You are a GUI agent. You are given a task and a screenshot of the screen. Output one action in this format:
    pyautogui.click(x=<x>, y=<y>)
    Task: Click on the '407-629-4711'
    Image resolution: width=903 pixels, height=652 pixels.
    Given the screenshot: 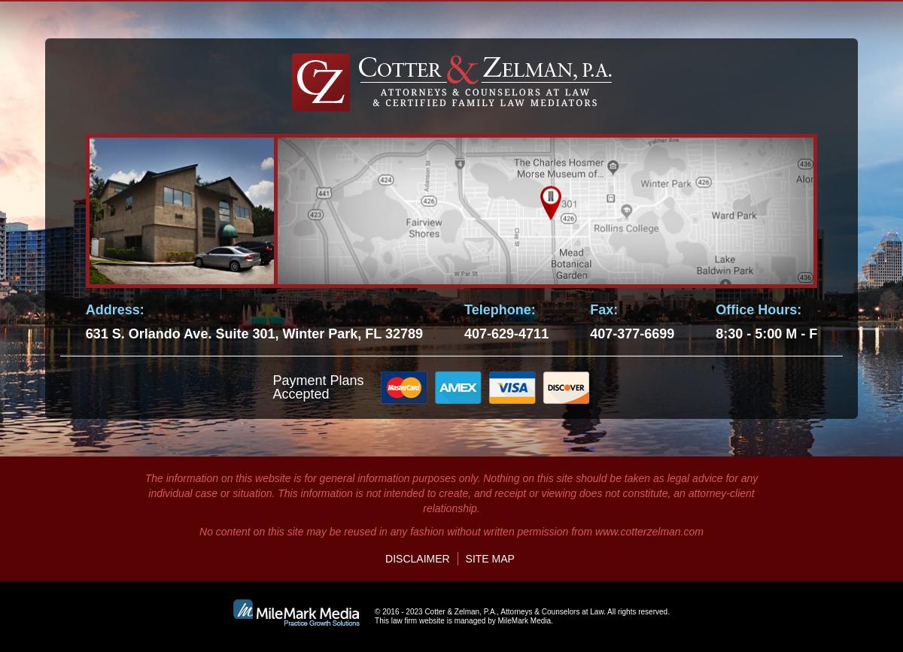 What is the action you would take?
    pyautogui.click(x=506, y=332)
    